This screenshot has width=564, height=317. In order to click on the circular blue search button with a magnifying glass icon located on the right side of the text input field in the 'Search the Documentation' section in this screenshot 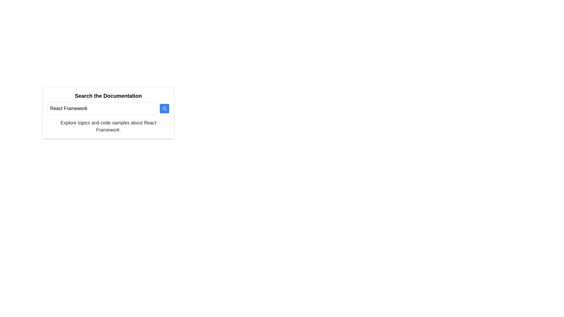, I will do `click(164, 109)`.